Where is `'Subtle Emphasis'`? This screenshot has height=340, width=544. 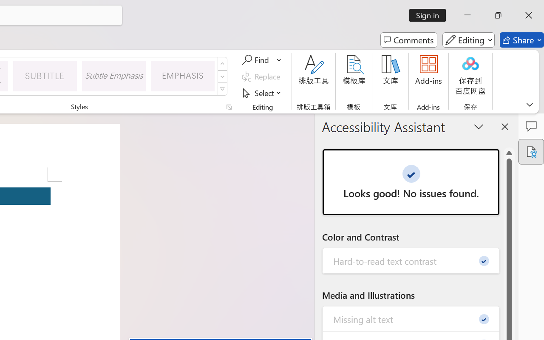 'Subtle Emphasis' is located at coordinates (113, 75).